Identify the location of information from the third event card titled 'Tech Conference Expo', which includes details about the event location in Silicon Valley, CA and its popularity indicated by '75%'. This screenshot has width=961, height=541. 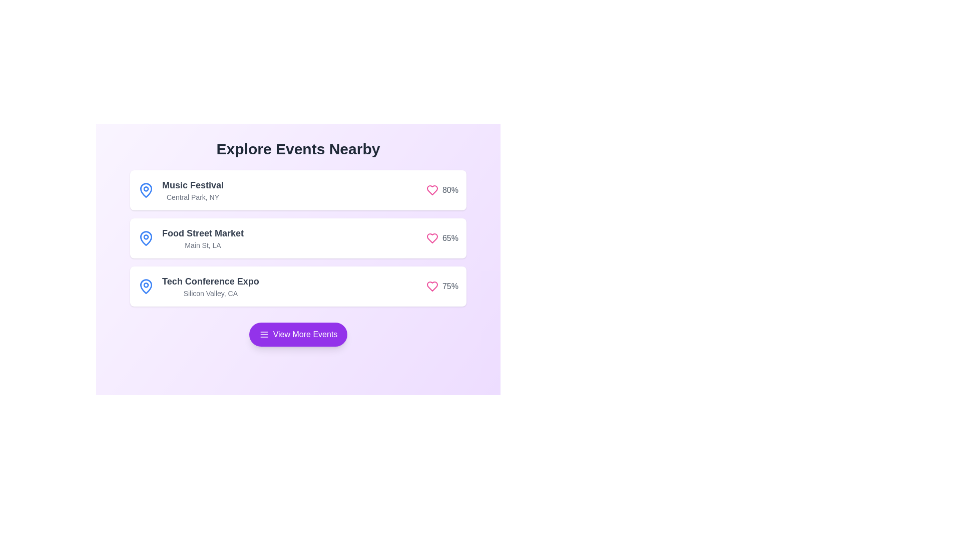
(297, 286).